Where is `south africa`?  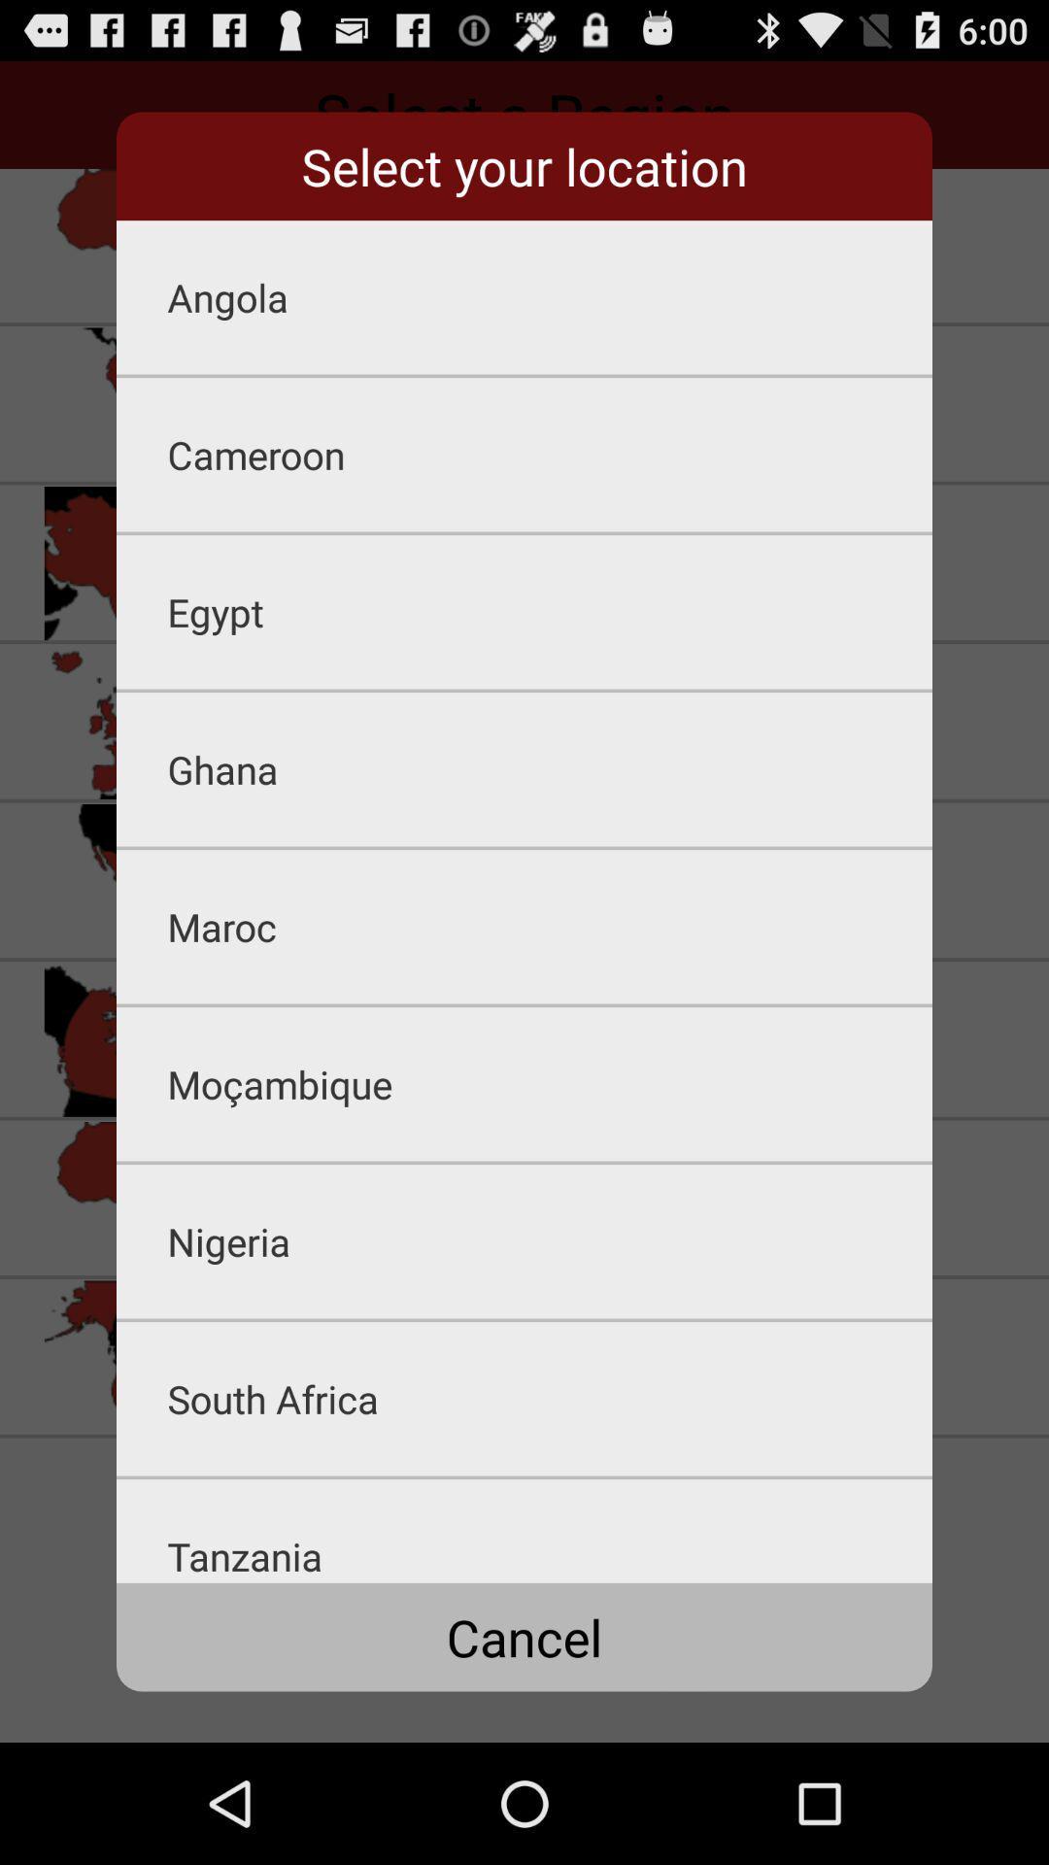 south africa is located at coordinates (550, 1399).